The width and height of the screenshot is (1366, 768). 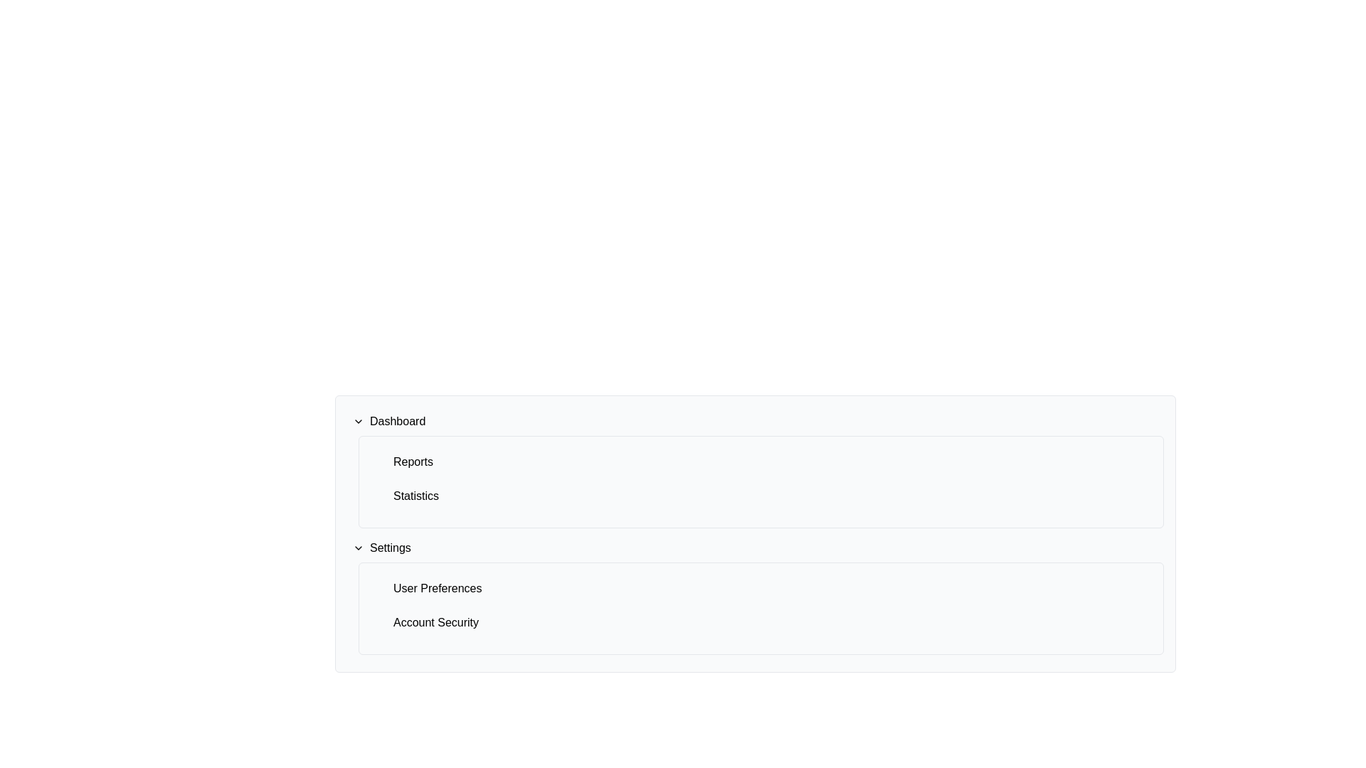 I want to click on the downward-pointing chevron icon located inside the 'Dashboard' item in the top-left section of the collapsible menu, so click(x=359, y=421).